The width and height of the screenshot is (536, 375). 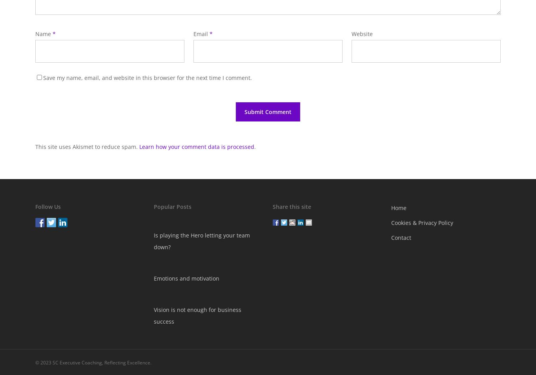 What do you see at coordinates (399, 208) in the screenshot?
I see `'Home'` at bounding box center [399, 208].